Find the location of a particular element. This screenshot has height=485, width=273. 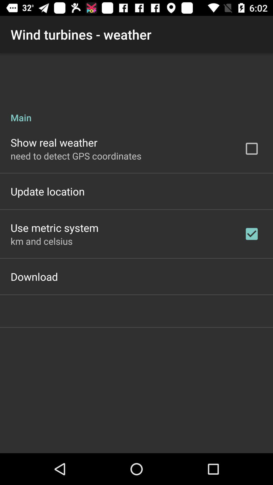

app below need to detect app is located at coordinates (48, 191).